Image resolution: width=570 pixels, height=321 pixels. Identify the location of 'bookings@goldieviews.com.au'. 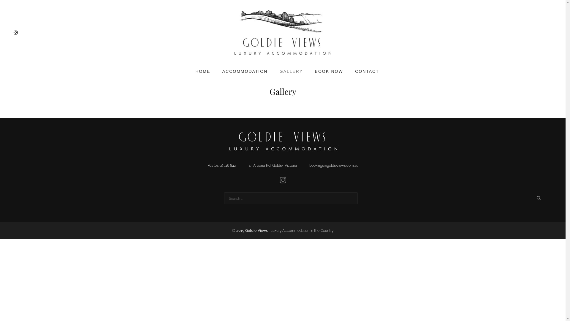
(334, 165).